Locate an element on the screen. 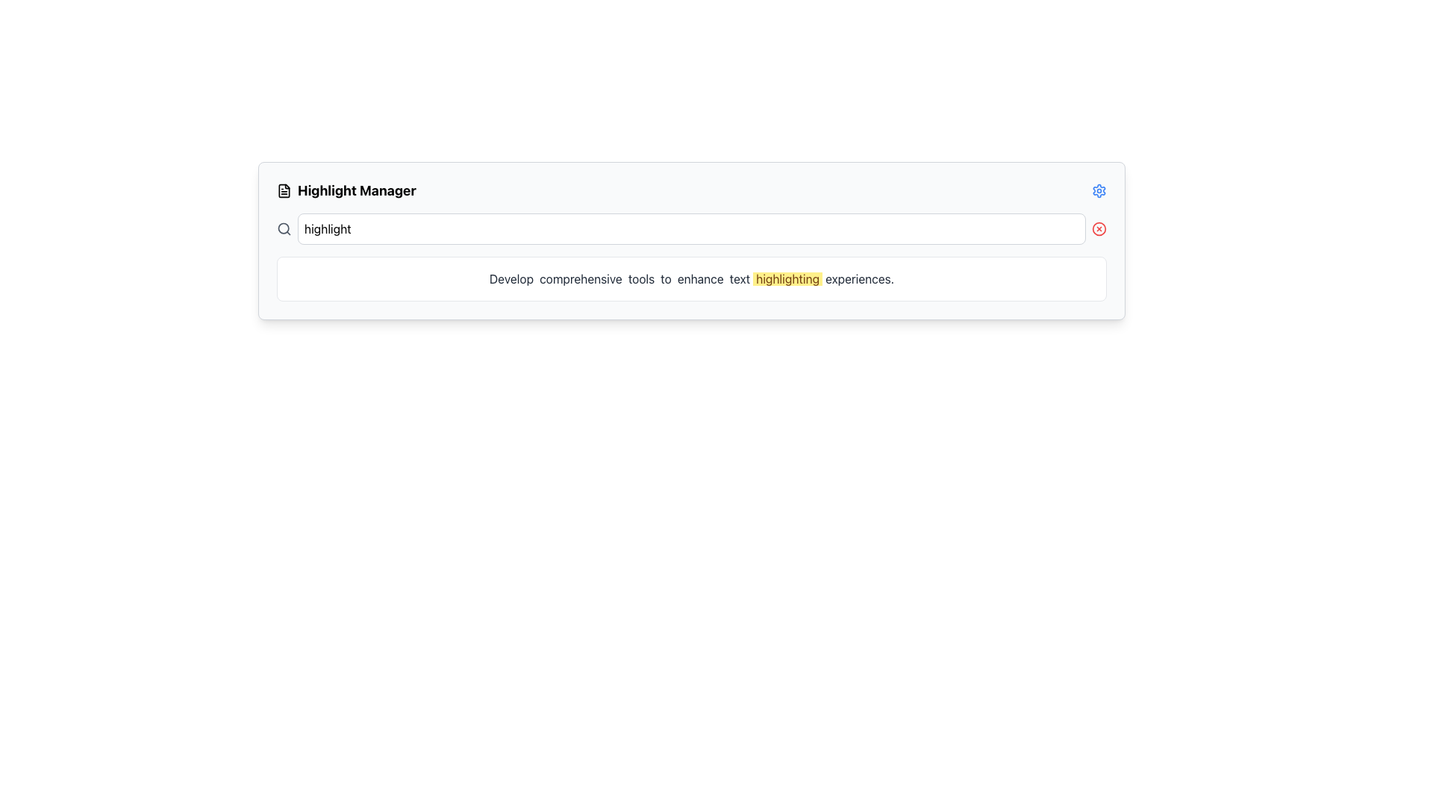 The image size is (1433, 806). the gear icon with a blue outline located at the far right of the header bar labeled 'Highlight Manager' is located at coordinates (1099, 190).